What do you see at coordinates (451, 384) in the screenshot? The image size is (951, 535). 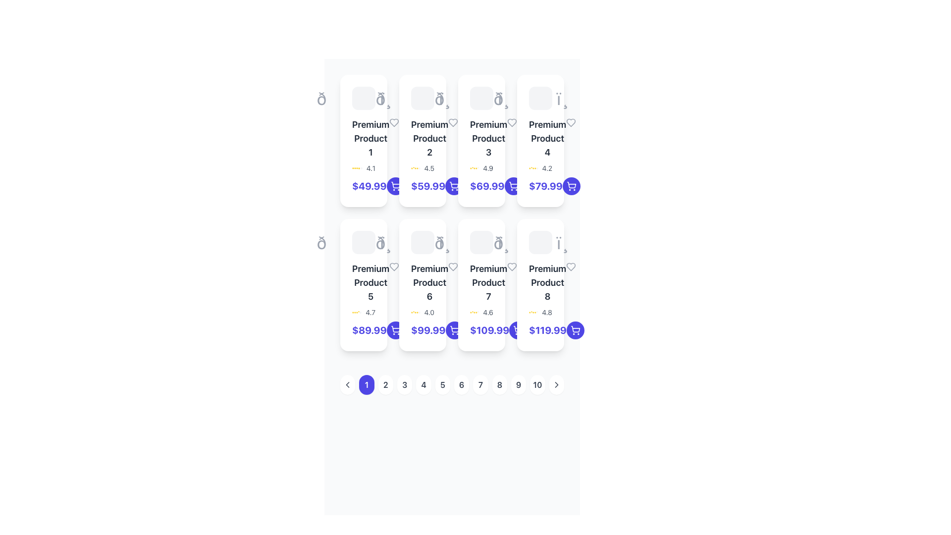 I see `the circular button labeled '6' within the pagination bar for accessibility purposes` at bounding box center [451, 384].